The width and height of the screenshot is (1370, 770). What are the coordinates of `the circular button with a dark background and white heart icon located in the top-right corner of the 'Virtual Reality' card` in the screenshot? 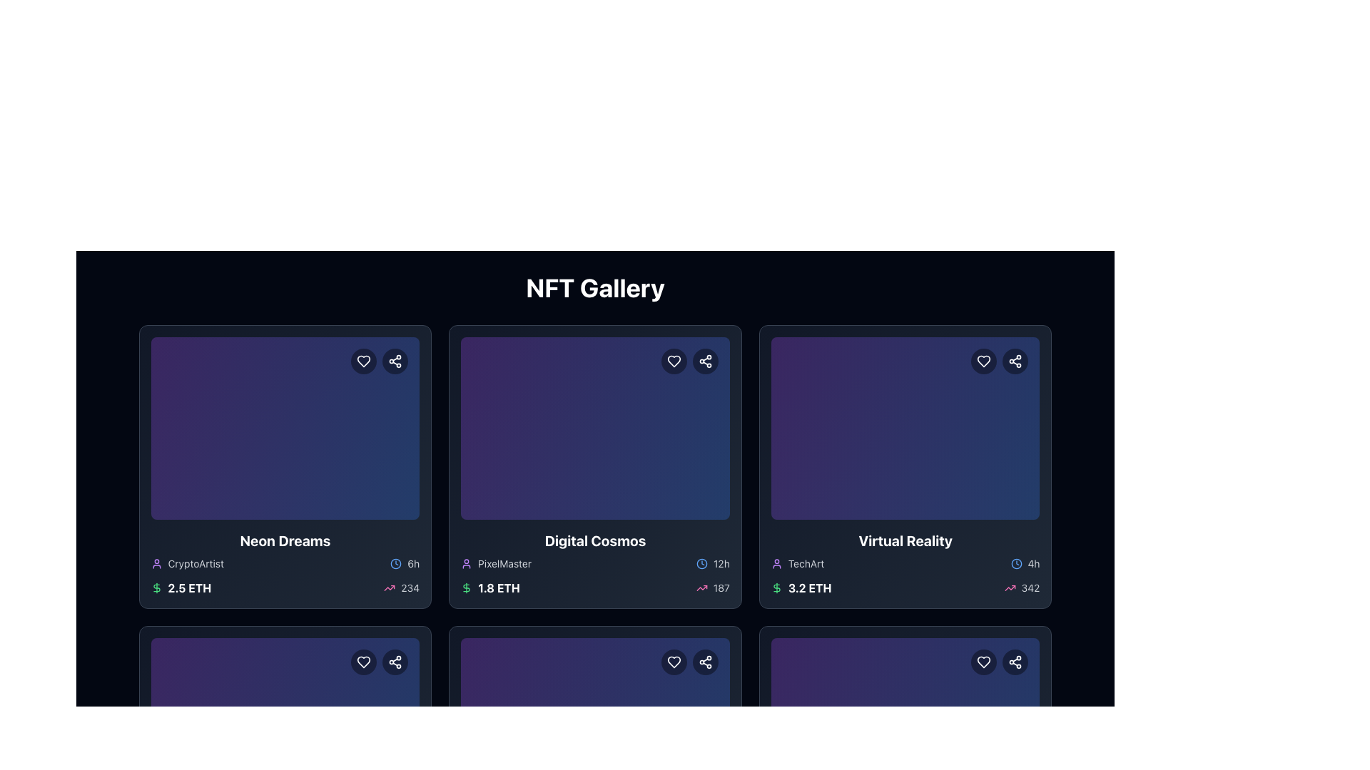 It's located at (983, 360).